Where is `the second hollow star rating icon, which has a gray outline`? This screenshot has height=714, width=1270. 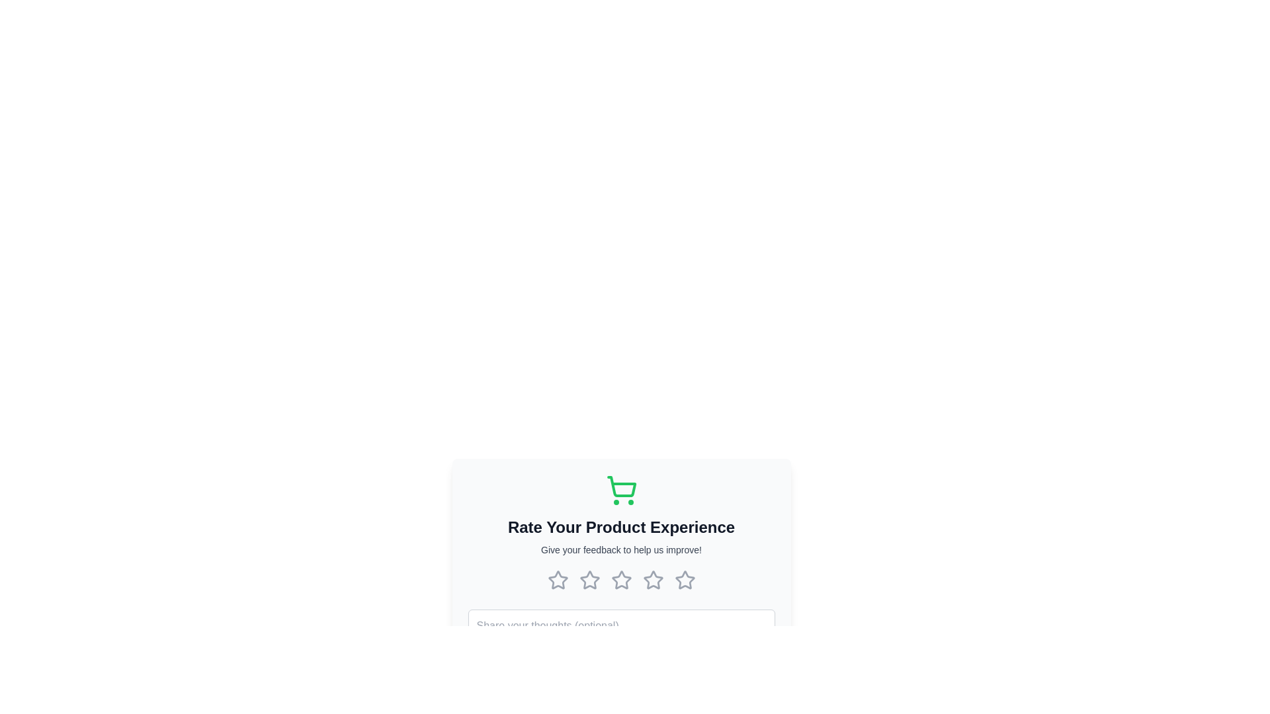 the second hollow star rating icon, which has a gray outline is located at coordinates (589, 580).